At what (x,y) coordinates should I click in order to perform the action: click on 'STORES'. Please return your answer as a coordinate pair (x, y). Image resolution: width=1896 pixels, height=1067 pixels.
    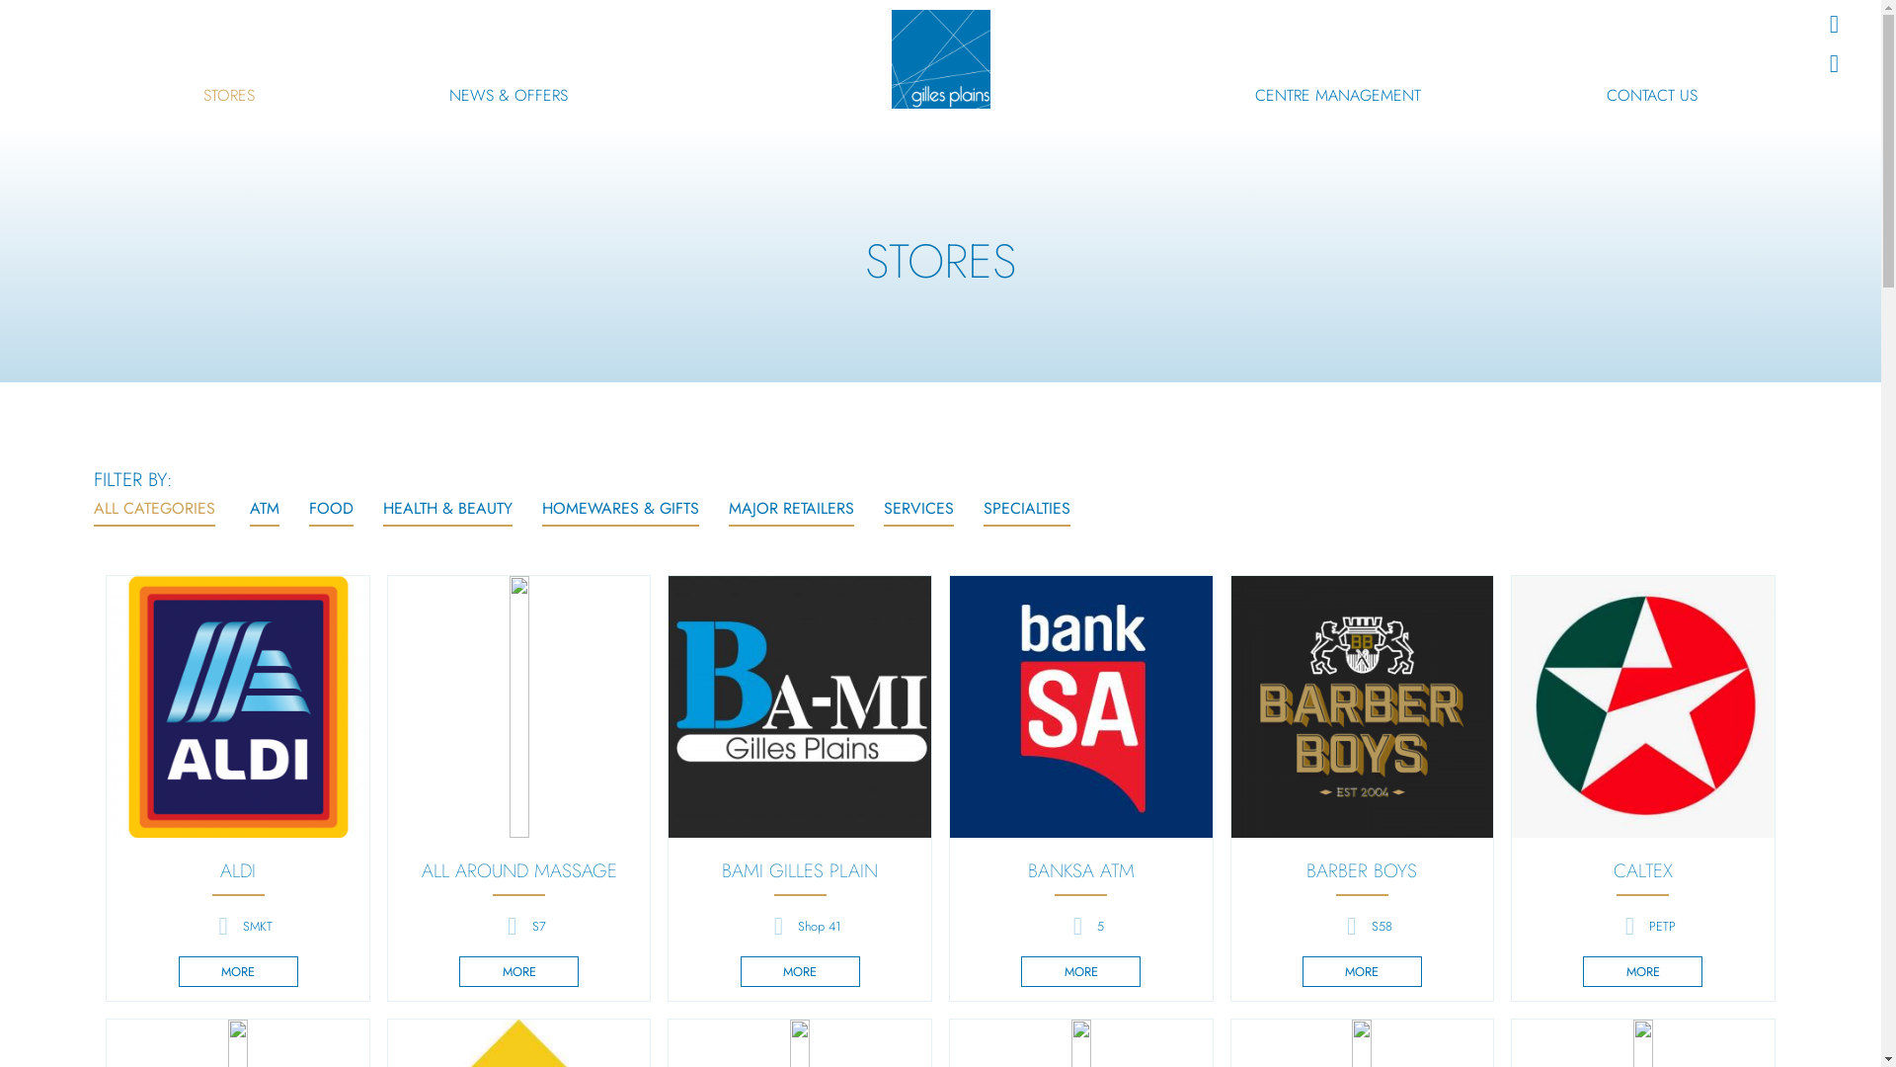
    Looking at the image, I should click on (228, 95).